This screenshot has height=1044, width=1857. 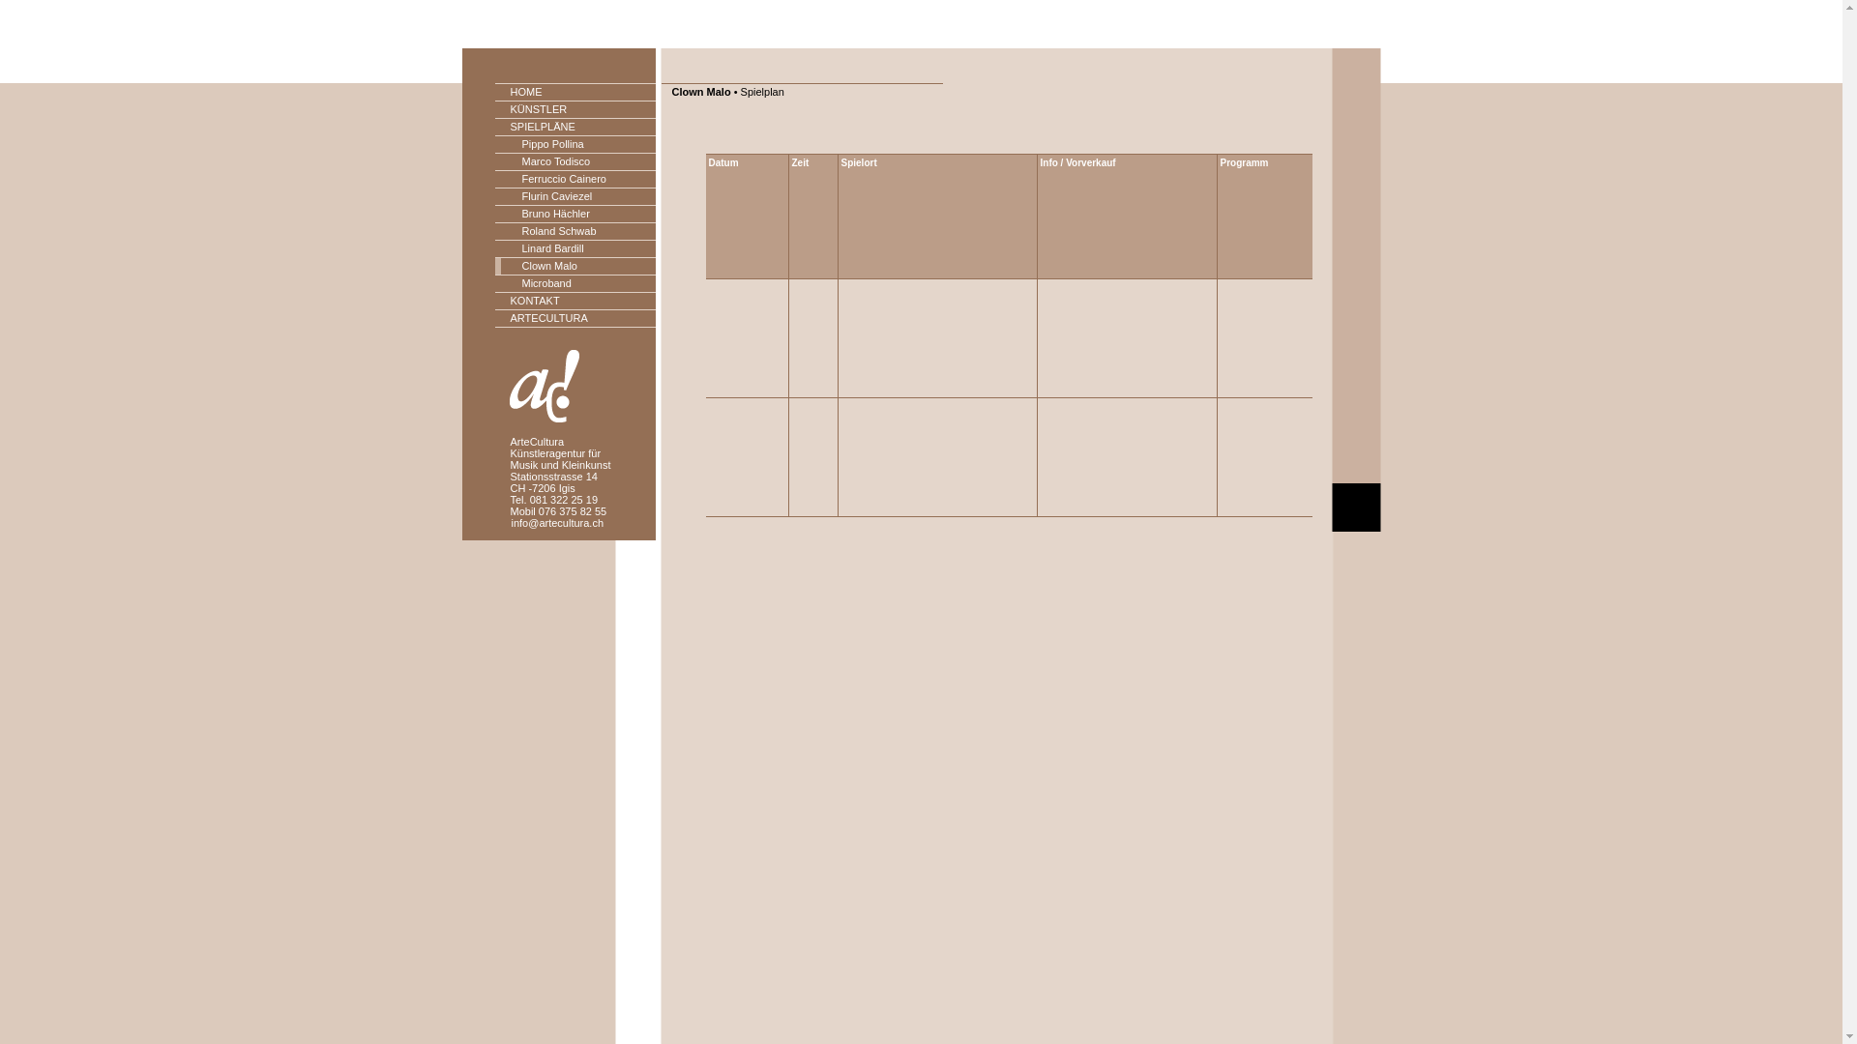 I want to click on 'HOME', so click(x=575, y=93).